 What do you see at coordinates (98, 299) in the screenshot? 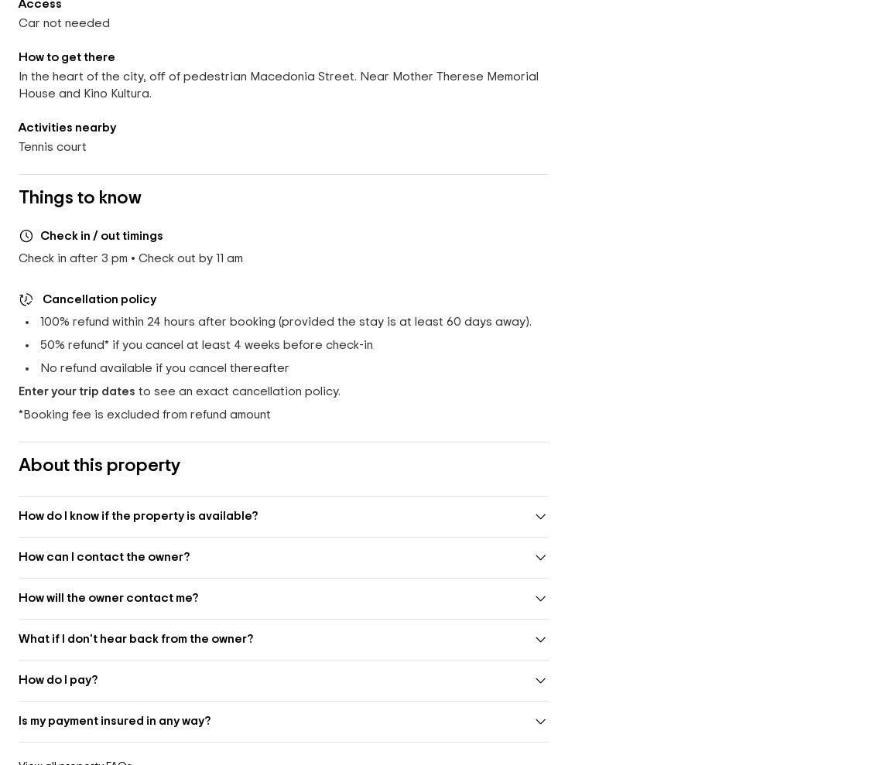
I see `'Cancellation policy'` at bounding box center [98, 299].